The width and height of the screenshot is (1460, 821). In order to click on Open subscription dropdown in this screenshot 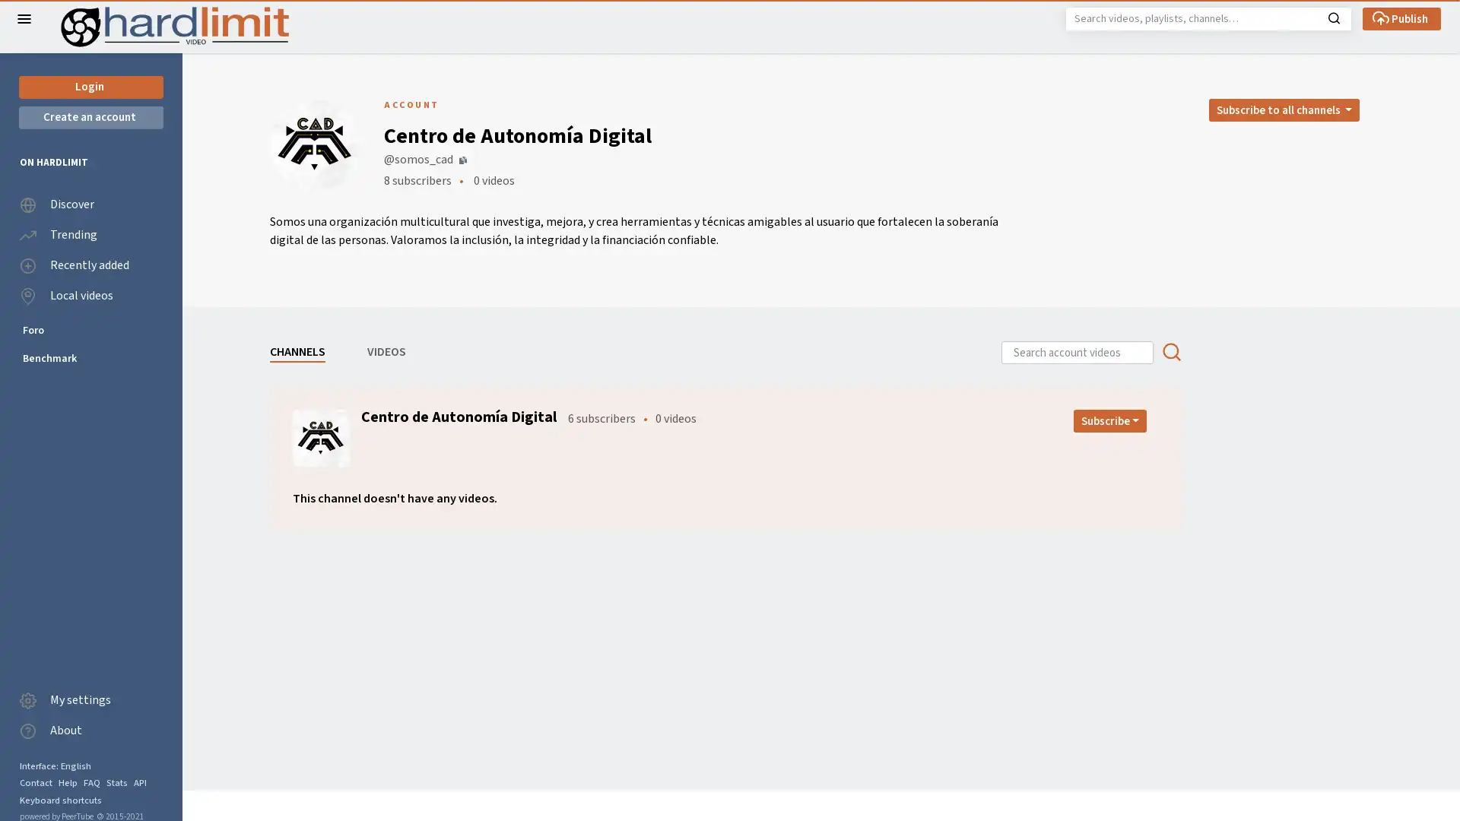, I will do `click(1109, 421)`.